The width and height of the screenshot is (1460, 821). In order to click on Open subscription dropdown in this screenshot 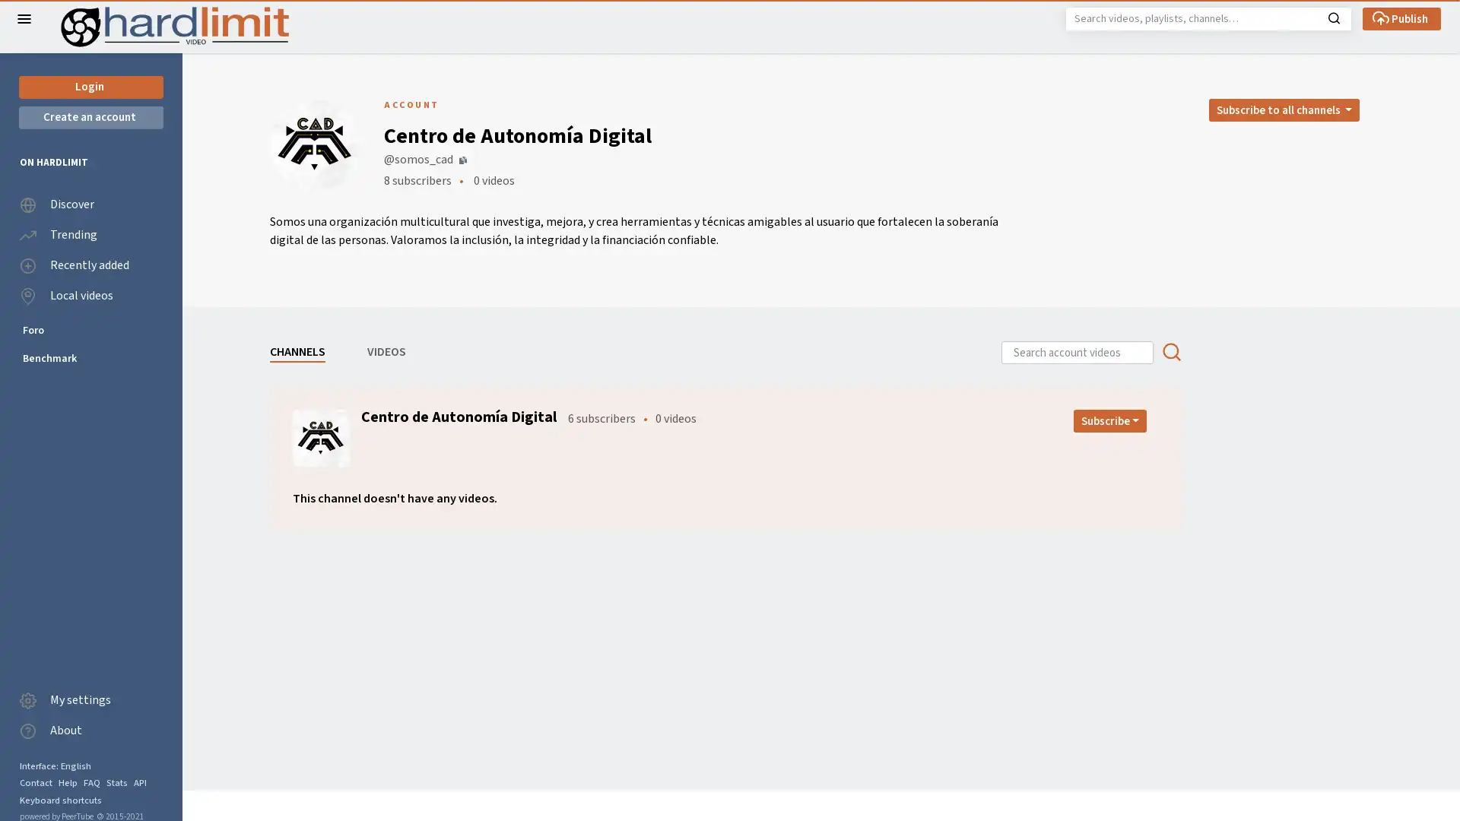, I will do `click(1109, 421)`.